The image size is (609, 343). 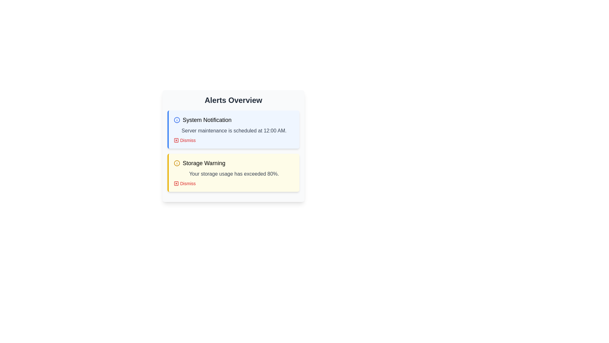 I want to click on the dismiss icon located to the left of the 'Dismiss' label in the 'System Notification' card, so click(x=176, y=140).